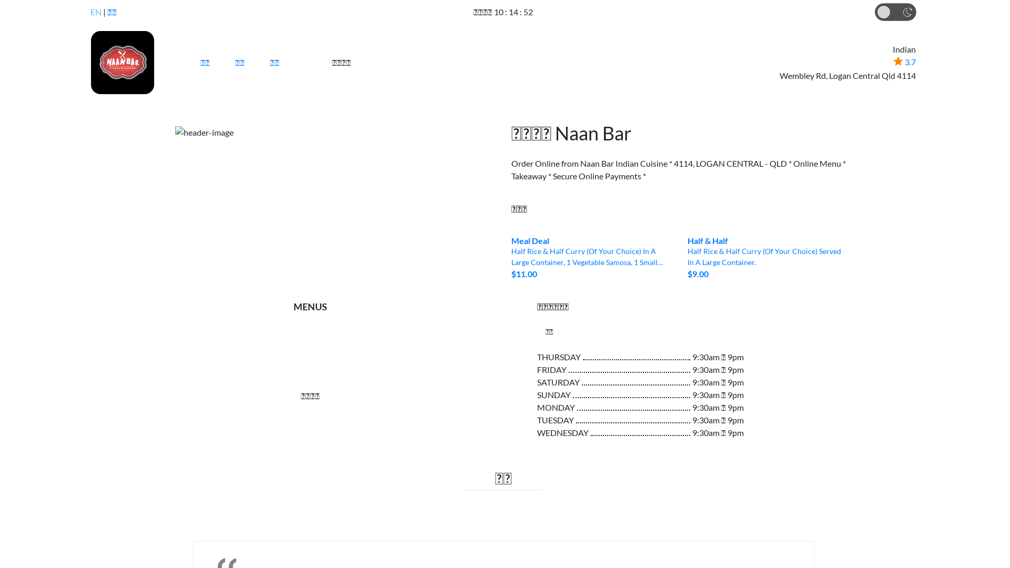  What do you see at coordinates (904, 62) in the screenshot?
I see `'3.7'` at bounding box center [904, 62].